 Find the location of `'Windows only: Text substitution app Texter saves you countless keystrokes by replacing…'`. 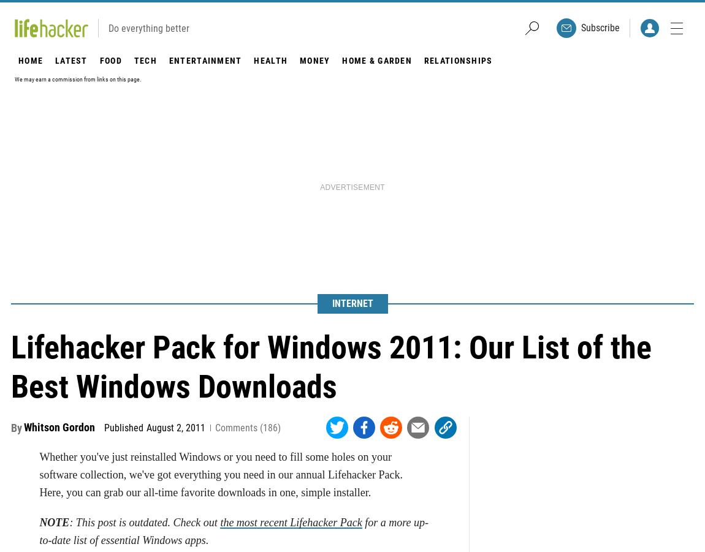

'Windows only: Text substitution app Texter saves you countless keystrokes by replacing…' is located at coordinates (265, 119).